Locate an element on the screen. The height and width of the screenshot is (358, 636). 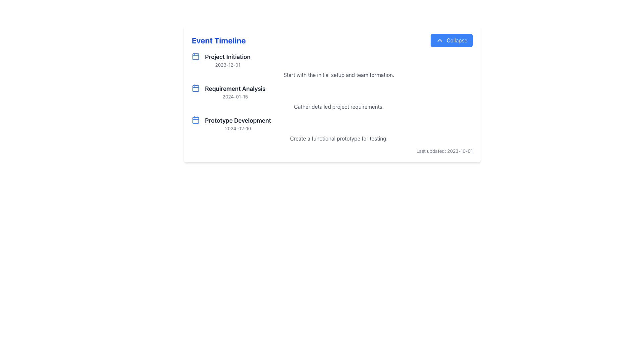
the chevron-up icon, which is styled with a simple outline in white against a blue-filled circle, located inside the 'Collapse' button is located at coordinates (440, 40).